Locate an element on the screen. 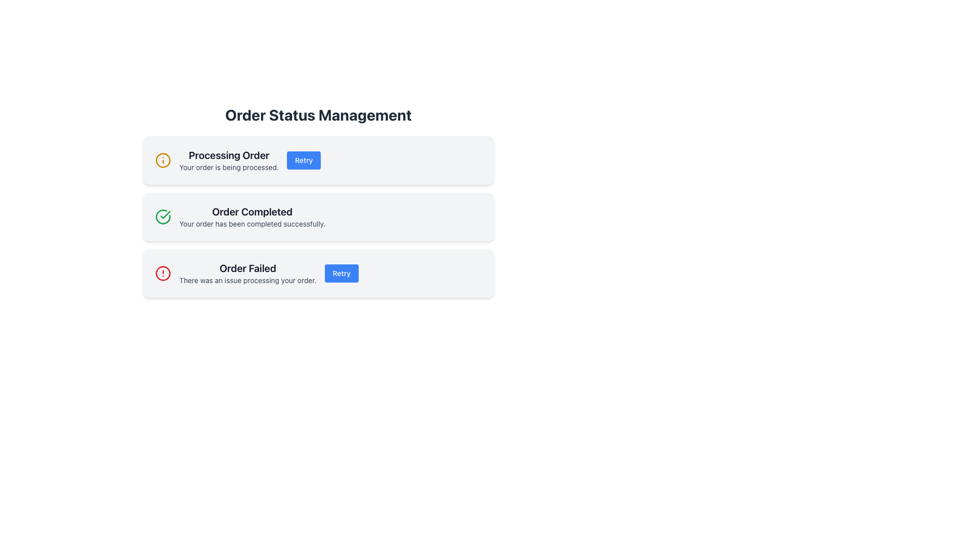 This screenshot has width=970, height=545. informational text confirming the successful completion of the order, located beneath the 'Order Completed' title in the central card is located at coordinates (252, 223).